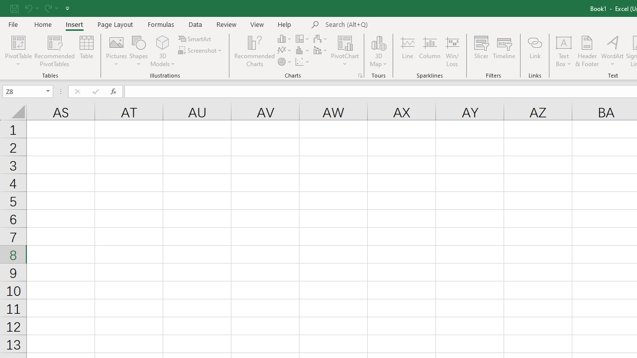 The width and height of the screenshot is (637, 358). Describe the element at coordinates (321, 38) in the screenshot. I see `'Insert Waterfall, Funnel, Stock, Surface, or Radar Chart'` at that location.